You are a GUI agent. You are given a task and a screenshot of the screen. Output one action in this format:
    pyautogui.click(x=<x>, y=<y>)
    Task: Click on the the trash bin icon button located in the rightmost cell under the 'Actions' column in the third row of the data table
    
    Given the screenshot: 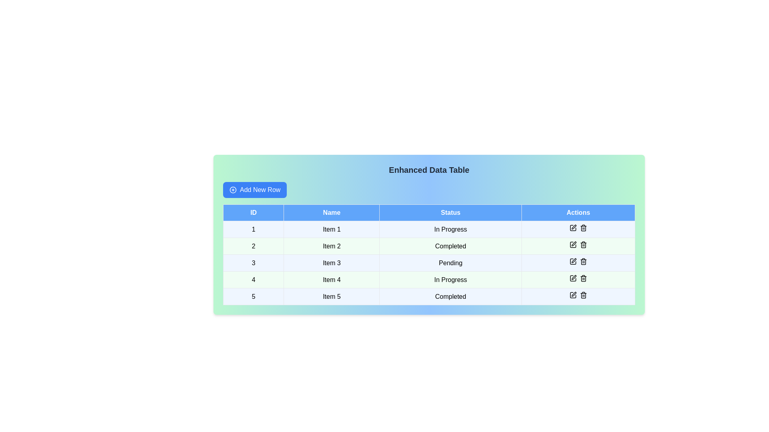 What is the action you would take?
    pyautogui.click(x=583, y=262)
    